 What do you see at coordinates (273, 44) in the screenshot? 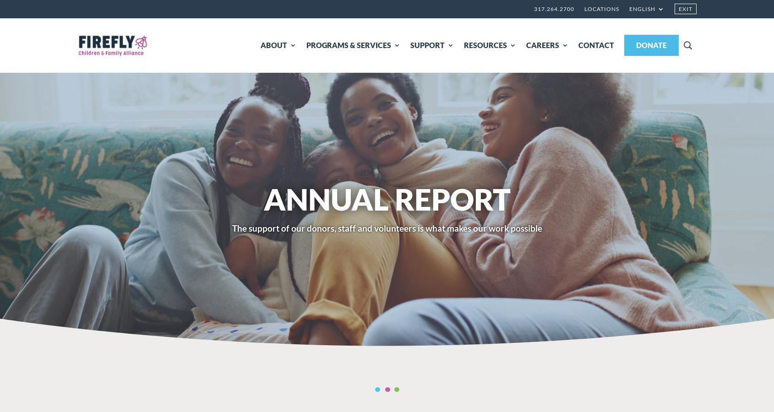
I see `'ABOUT'` at bounding box center [273, 44].